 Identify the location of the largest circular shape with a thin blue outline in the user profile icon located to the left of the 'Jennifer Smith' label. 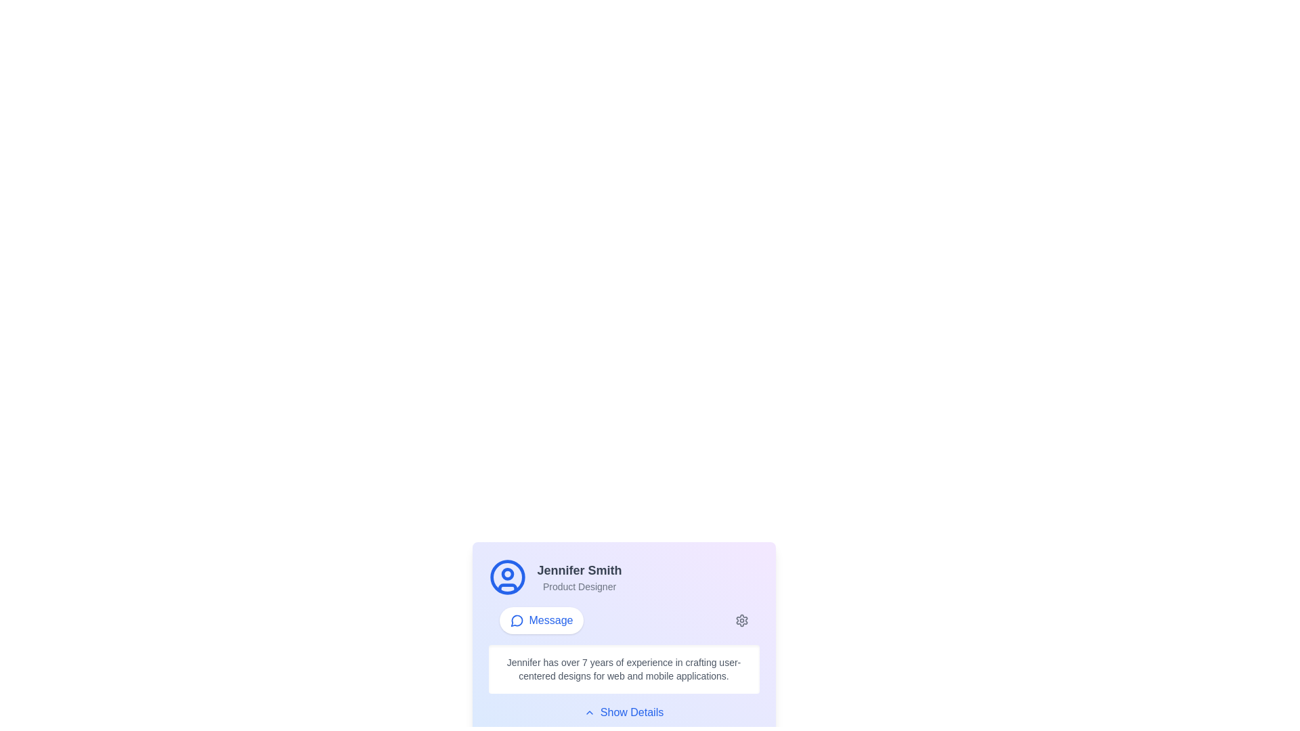
(506, 577).